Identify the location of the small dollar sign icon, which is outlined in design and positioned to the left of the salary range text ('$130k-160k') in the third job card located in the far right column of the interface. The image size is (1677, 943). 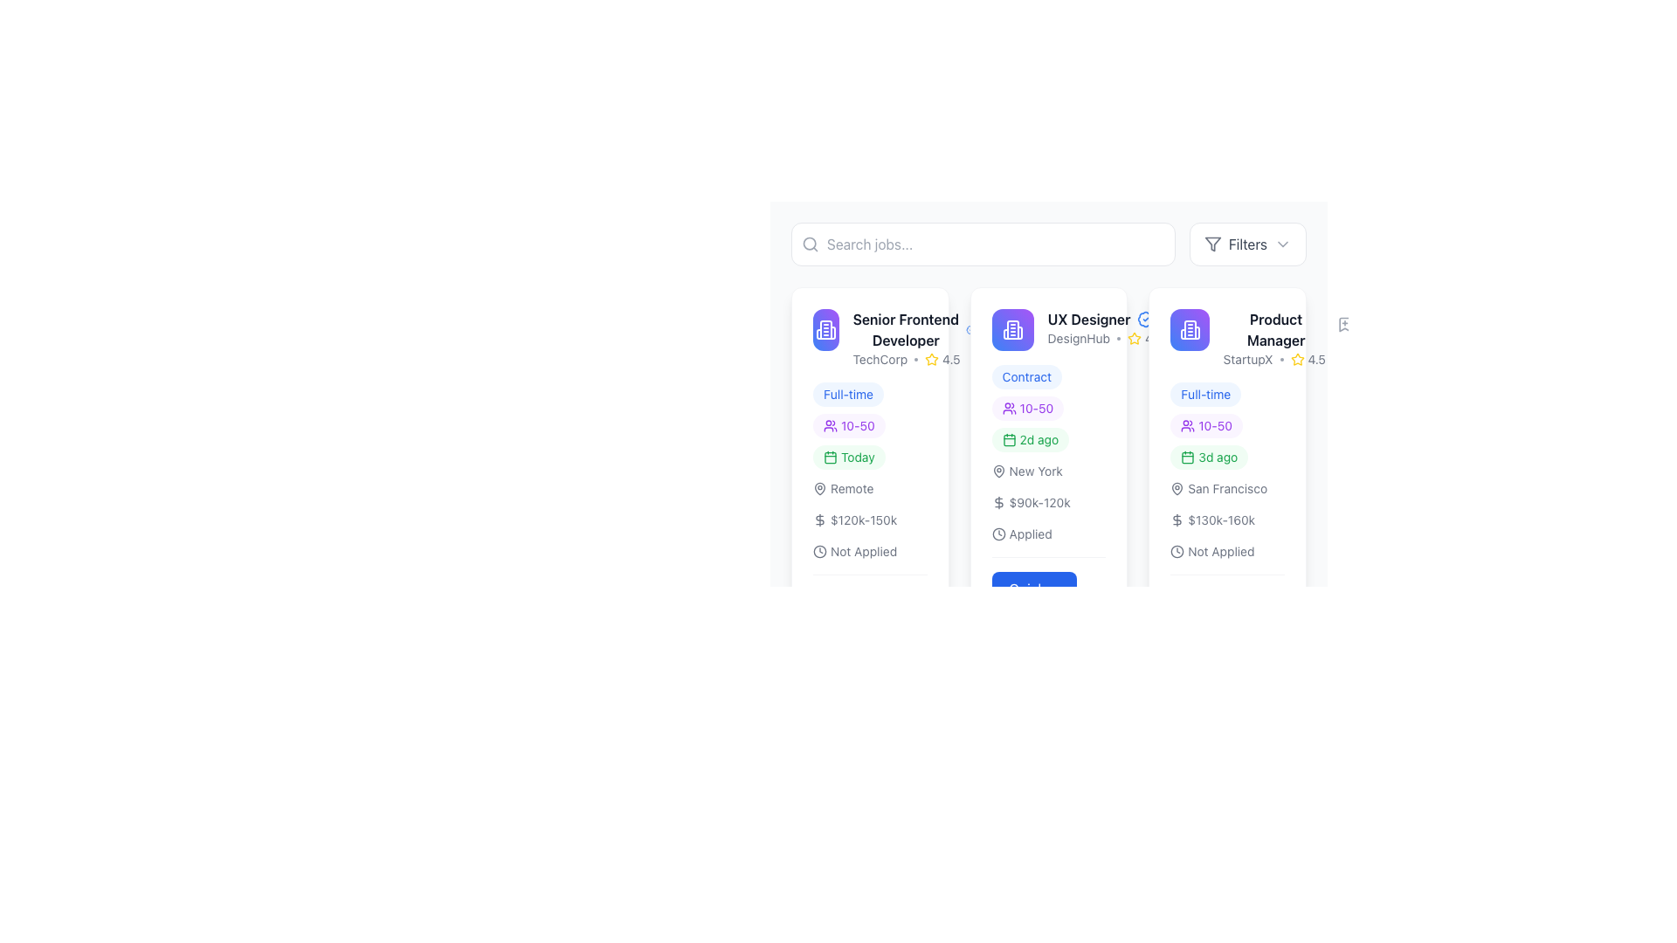
(1177, 520).